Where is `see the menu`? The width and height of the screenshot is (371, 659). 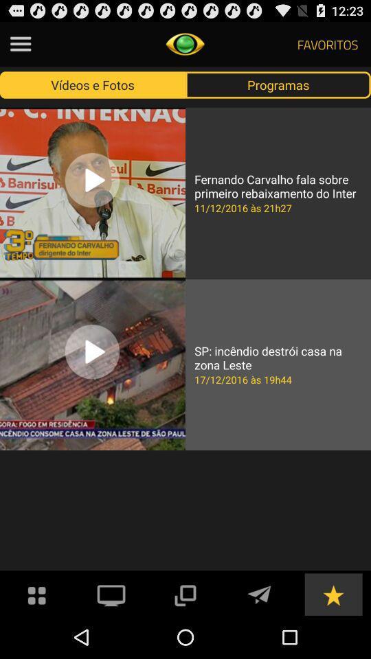 see the menu is located at coordinates (20, 44).